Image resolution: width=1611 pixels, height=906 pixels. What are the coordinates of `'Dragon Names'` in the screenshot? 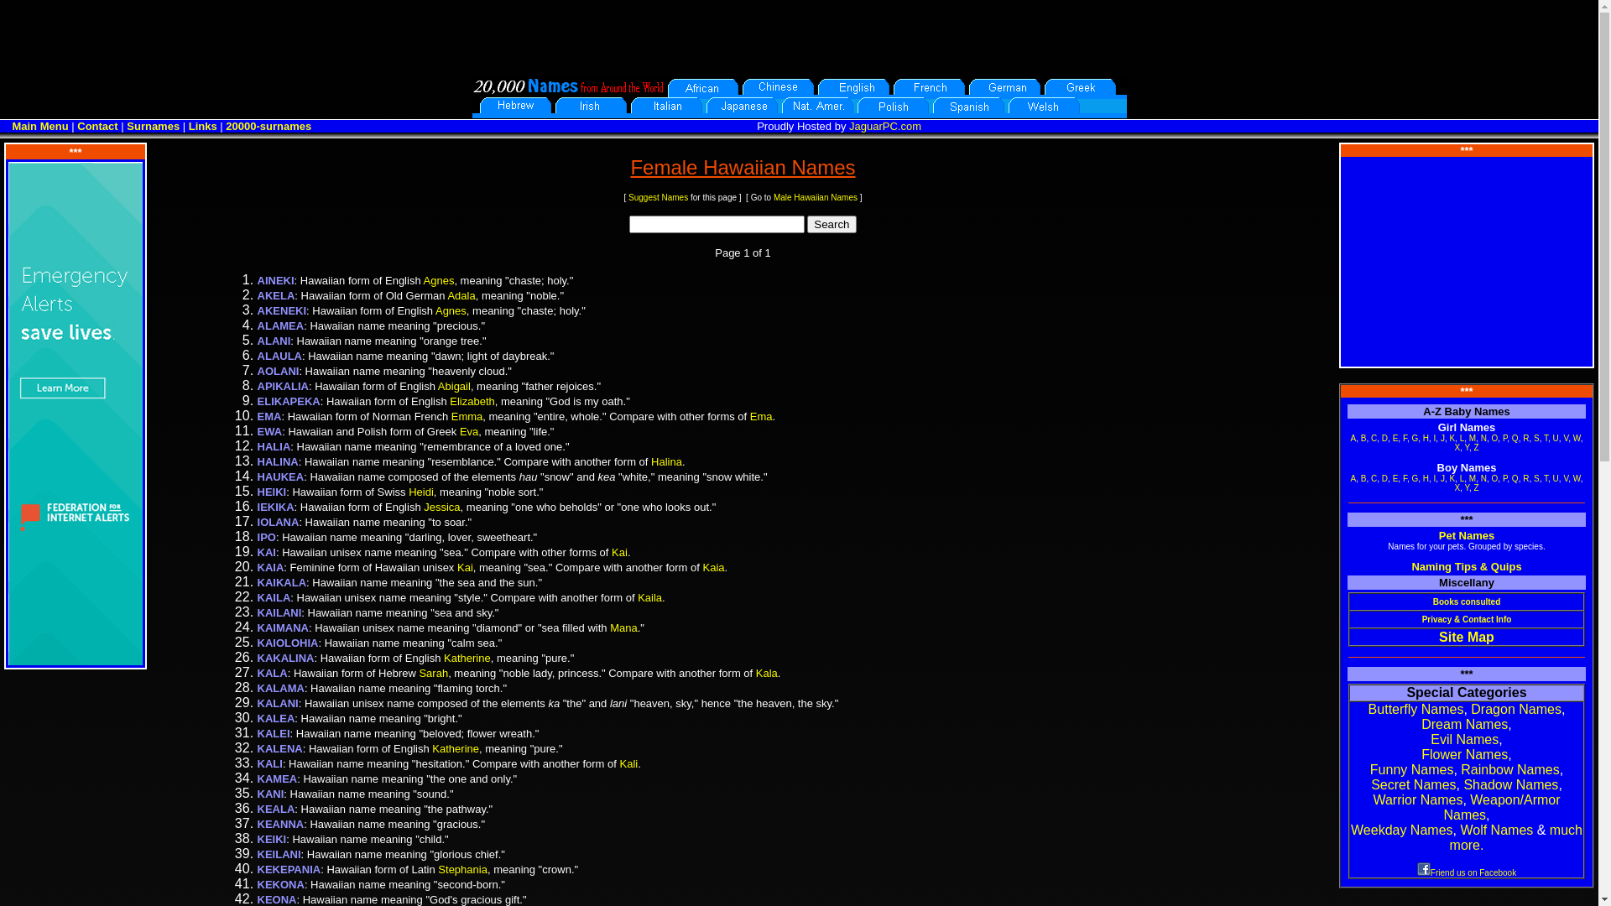 It's located at (1515, 709).